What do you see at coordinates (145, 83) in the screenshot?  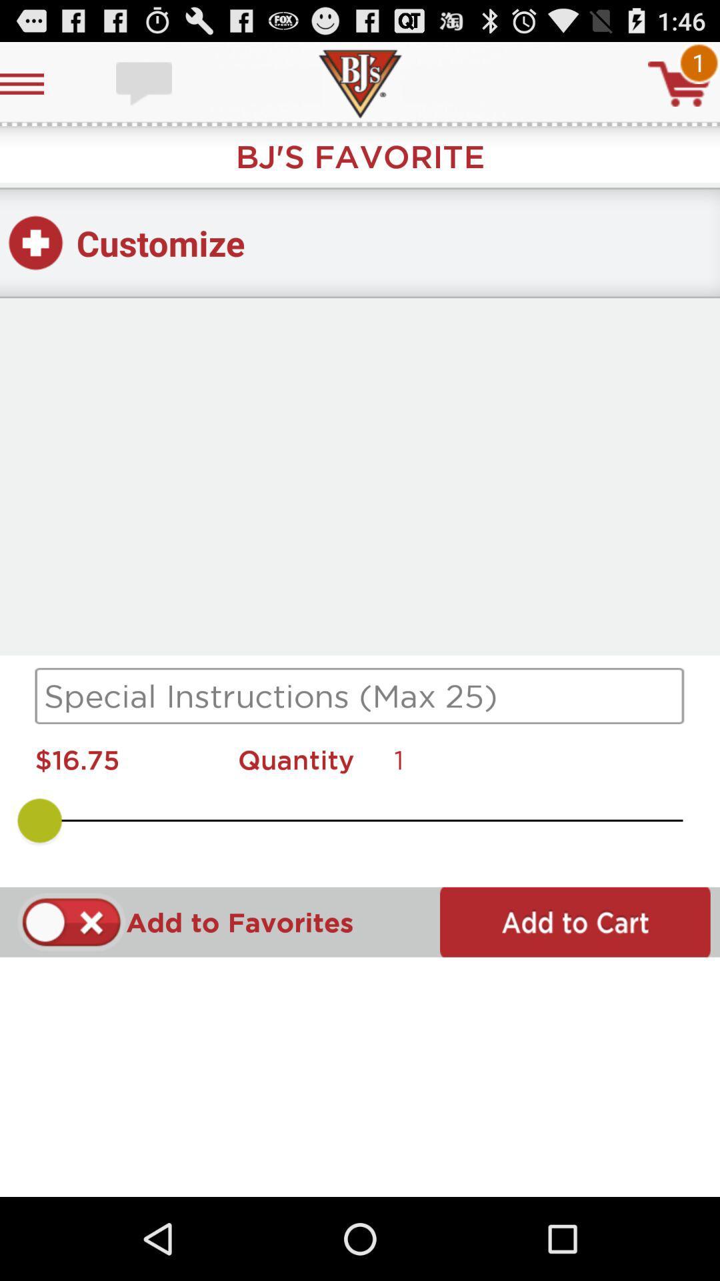 I see `messenger option` at bounding box center [145, 83].